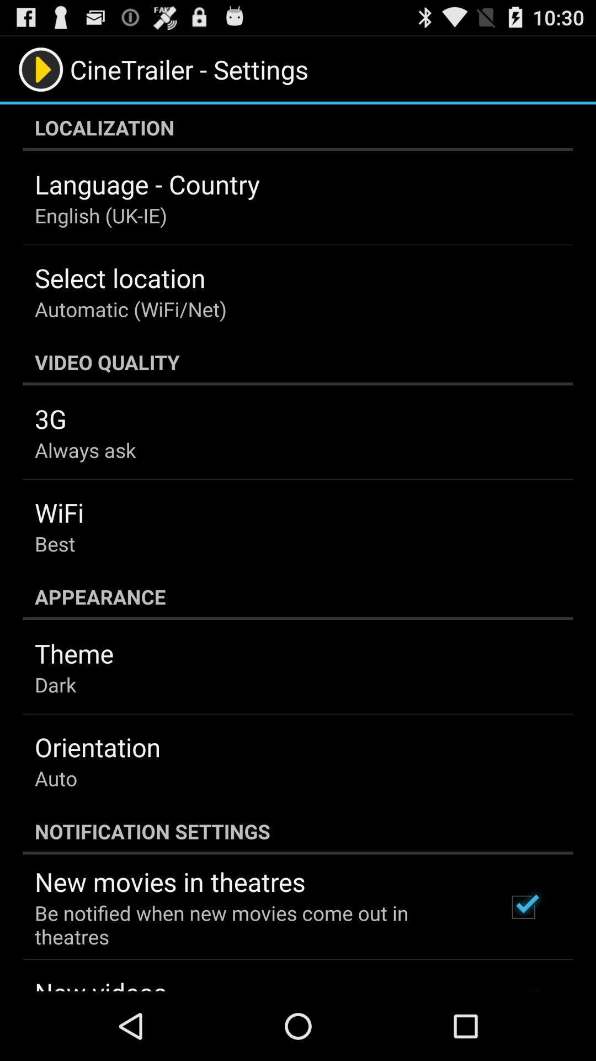 The width and height of the screenshot is (596, 1061). I want to click on icon above the appearance, so click(55, 543).